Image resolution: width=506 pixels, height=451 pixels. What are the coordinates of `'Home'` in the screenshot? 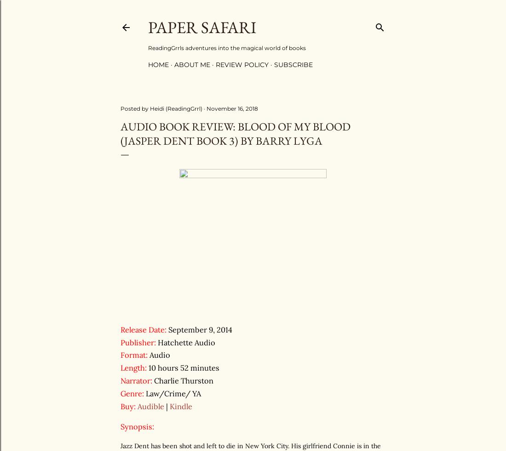 It's located at (158, 64).